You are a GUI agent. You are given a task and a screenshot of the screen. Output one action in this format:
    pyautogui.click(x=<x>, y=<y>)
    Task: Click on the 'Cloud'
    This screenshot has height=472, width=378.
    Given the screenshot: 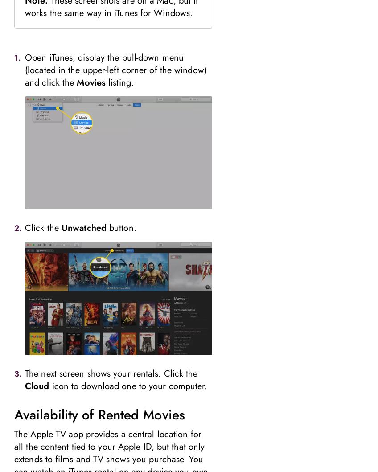 What is the action you would take?
    pyautogui.click(x=25, y=386)
    